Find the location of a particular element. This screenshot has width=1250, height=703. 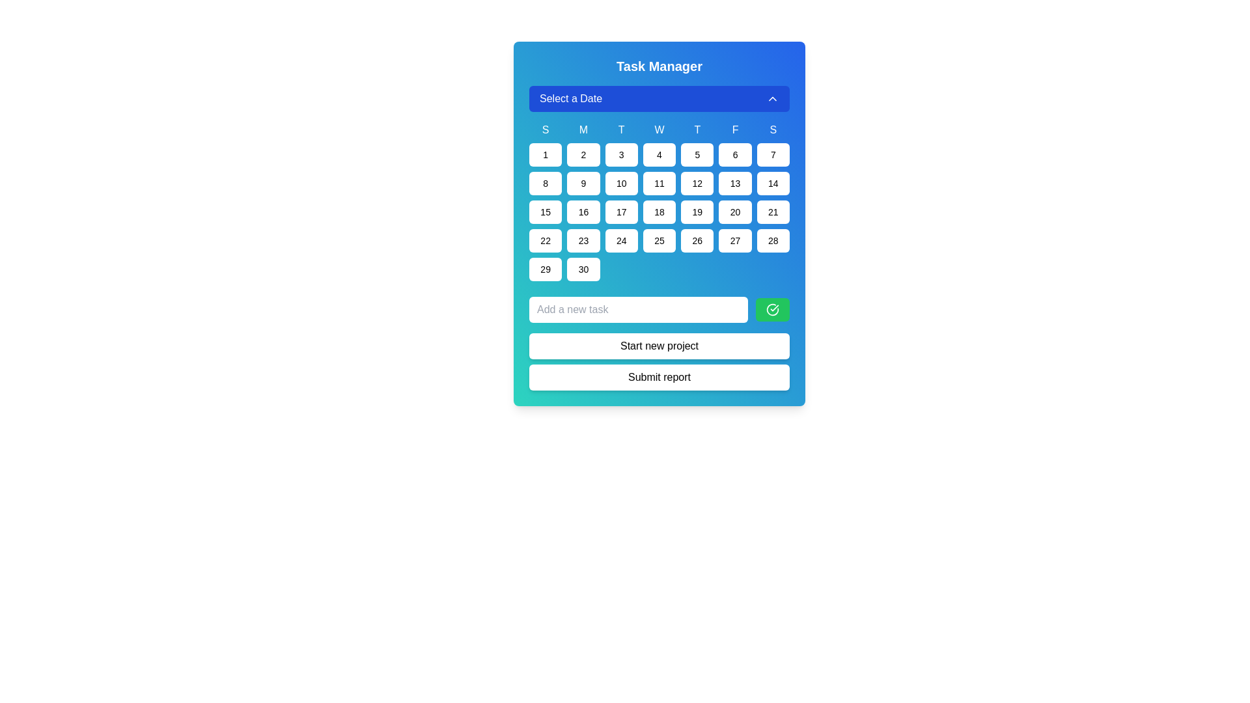

a date in the Date Picker Grid located within the 'Task Manager' card, below the 'Select a Date' section label is located at coordinates (659, 183).